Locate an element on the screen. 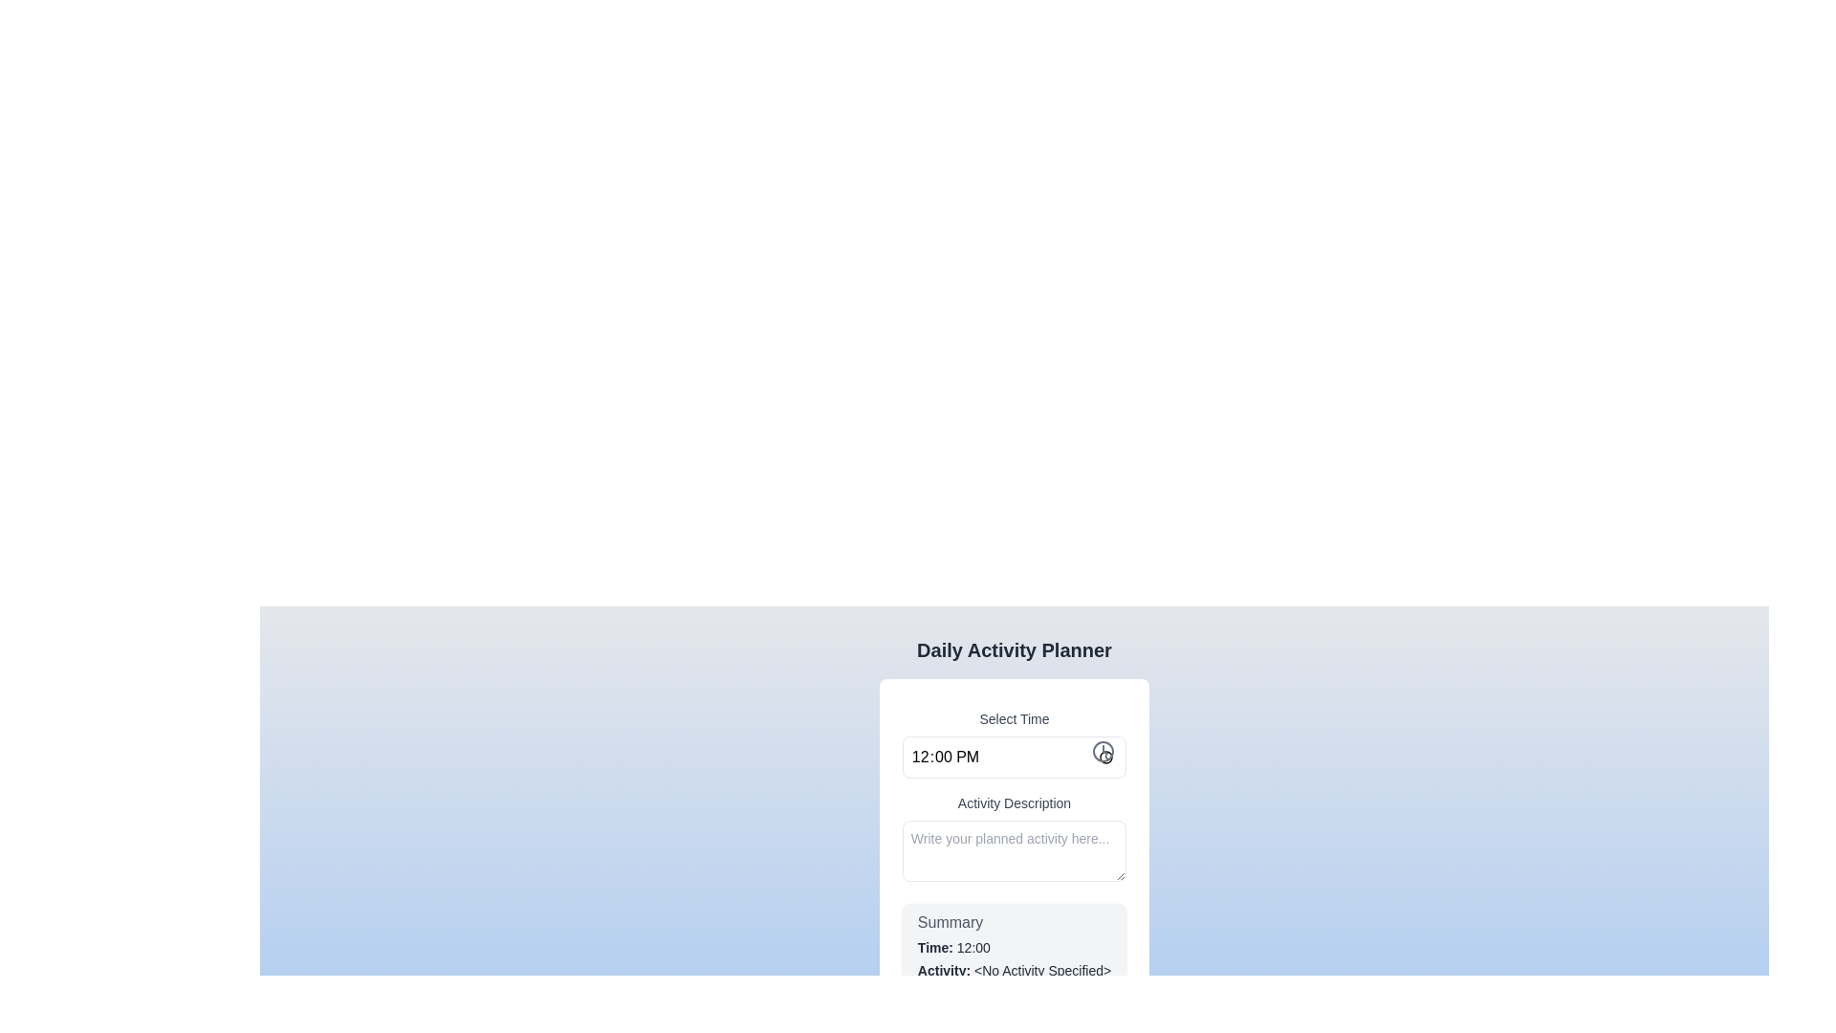 Image resolution: width=1836 pixels, height=1033 pixels. the circular clock icon located at the top-right corner of the time selection box is located at coordinates (1104, 751).